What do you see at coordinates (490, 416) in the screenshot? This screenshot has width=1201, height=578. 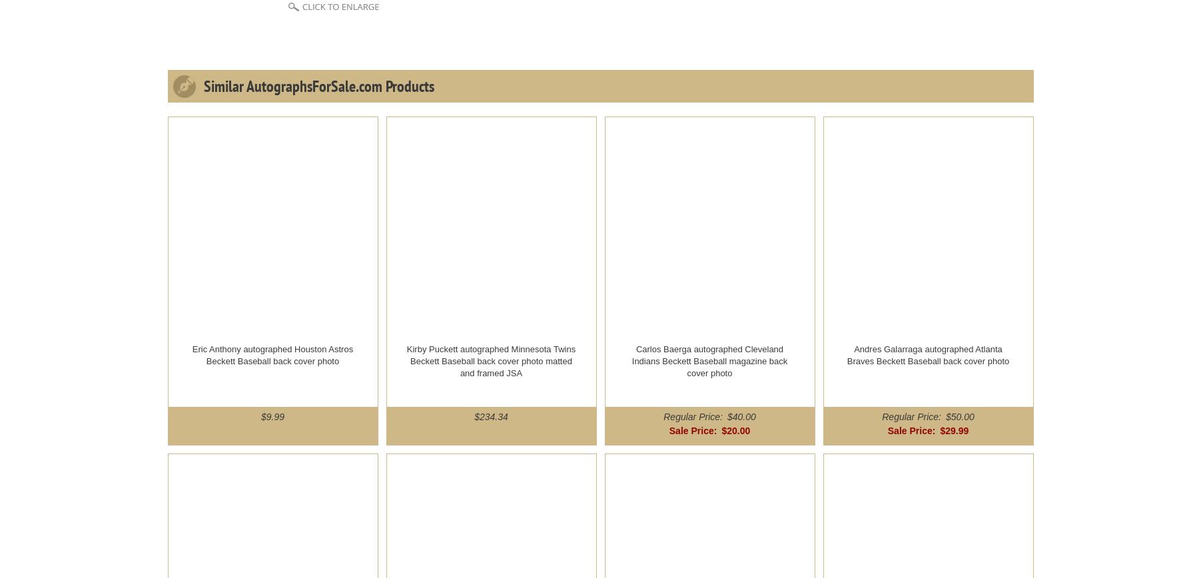 I see `'$234.34'` at bounding box center [490, 416].